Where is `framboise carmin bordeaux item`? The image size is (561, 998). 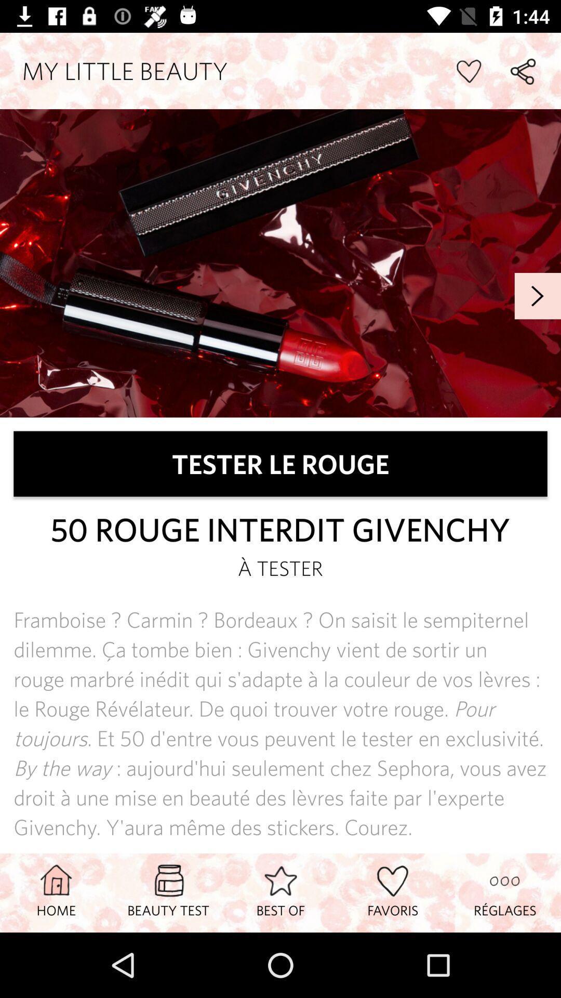
framboise carmin bordeaux item is located at coordinates (280, 723).